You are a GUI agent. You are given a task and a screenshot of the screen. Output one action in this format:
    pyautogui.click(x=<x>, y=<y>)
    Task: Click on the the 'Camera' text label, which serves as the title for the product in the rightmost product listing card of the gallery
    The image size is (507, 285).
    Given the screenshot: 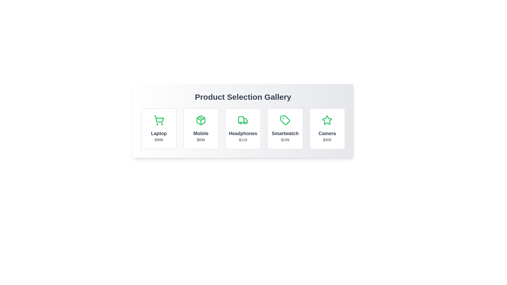 What is the action you would take?
    pyautogui.click(x=327, y=133)
    